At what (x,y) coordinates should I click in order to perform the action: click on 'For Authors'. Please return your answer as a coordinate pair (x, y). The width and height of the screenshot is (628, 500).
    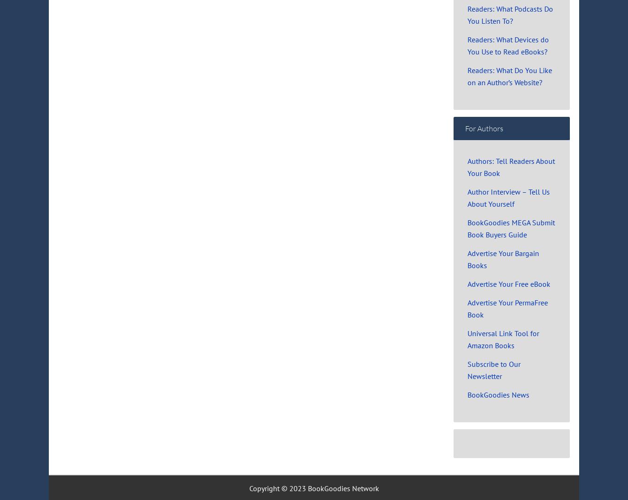
    Looking at the image, I should click on (484, 128).